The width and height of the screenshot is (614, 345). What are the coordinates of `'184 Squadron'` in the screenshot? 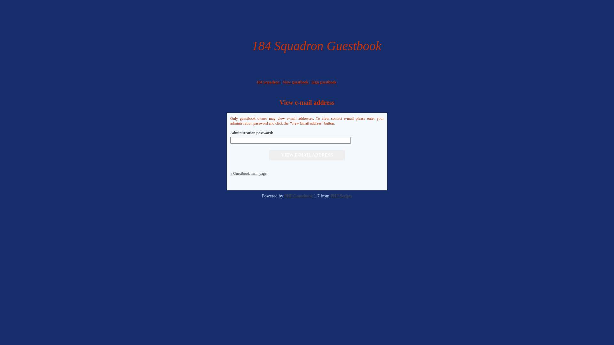 It's located at (268, 82).